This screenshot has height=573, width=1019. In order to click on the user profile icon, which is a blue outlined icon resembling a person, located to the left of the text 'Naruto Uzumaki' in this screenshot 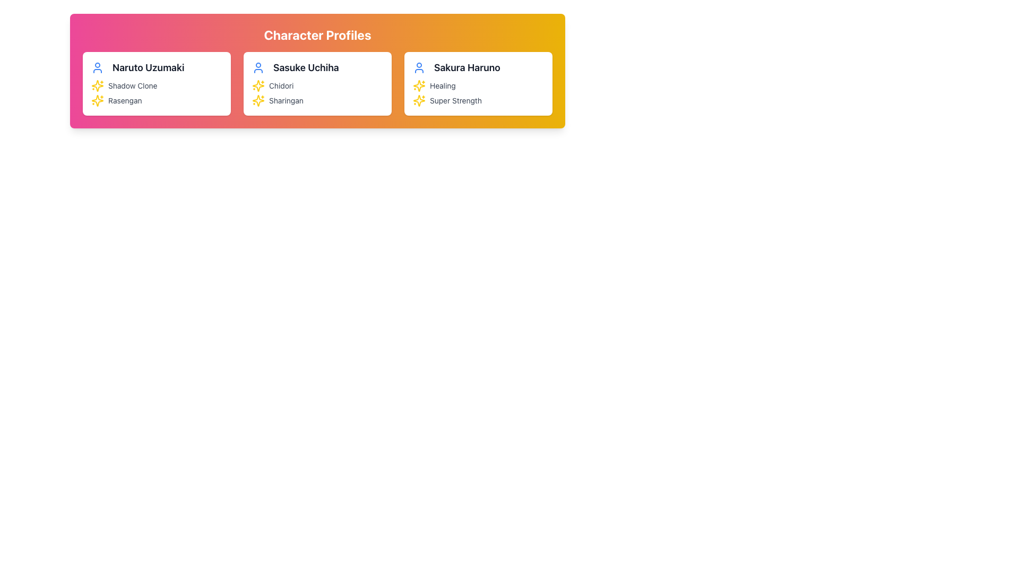, I will do `click(97, 67)`.